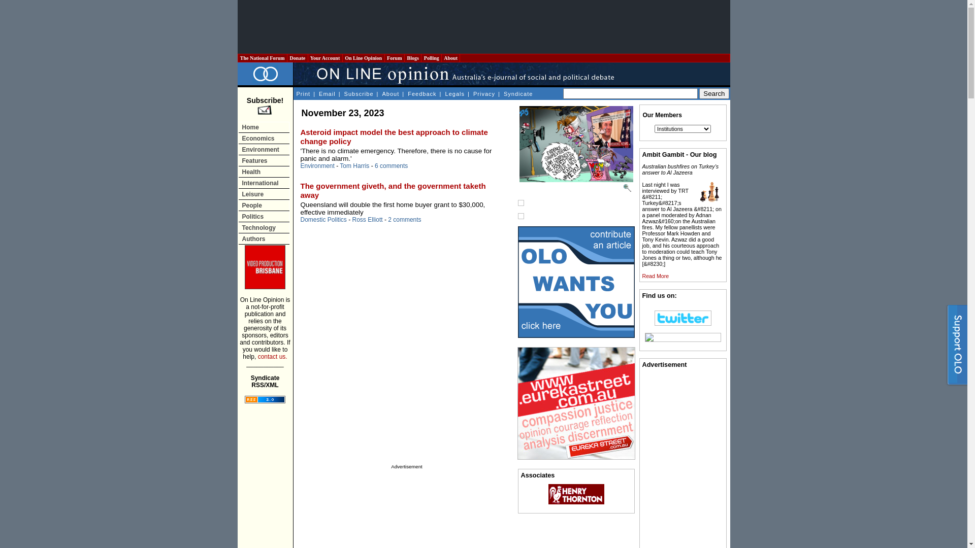  Describe the element at coordinates (264, 227) in the screenshot. I see `'Technology'` at that location.